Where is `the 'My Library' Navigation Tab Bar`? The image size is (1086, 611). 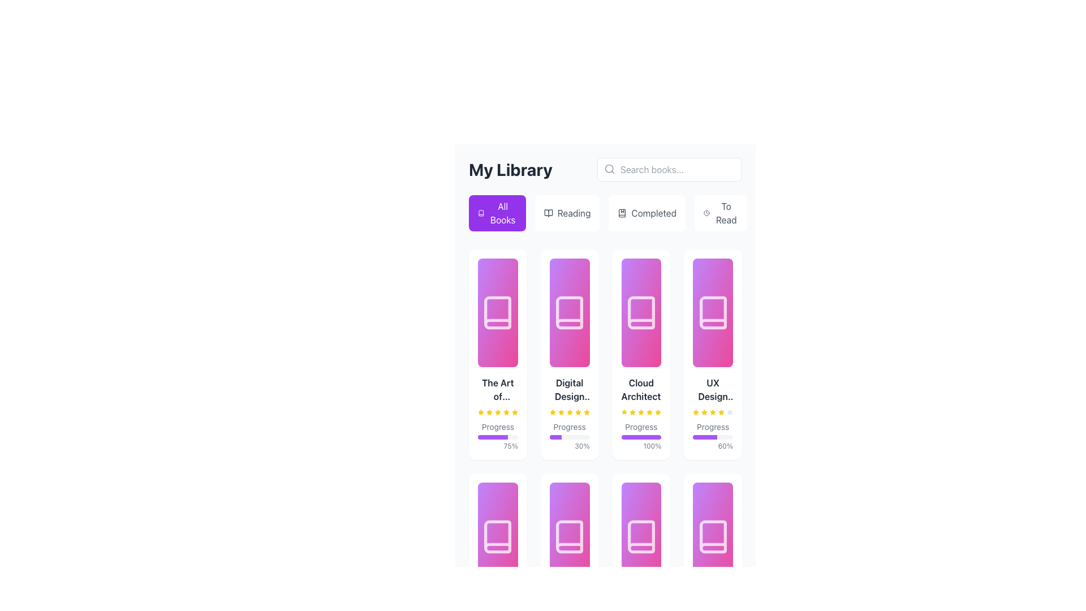 the 'My Library' Navigation Tab Bar is located at coordinates (605, 193).